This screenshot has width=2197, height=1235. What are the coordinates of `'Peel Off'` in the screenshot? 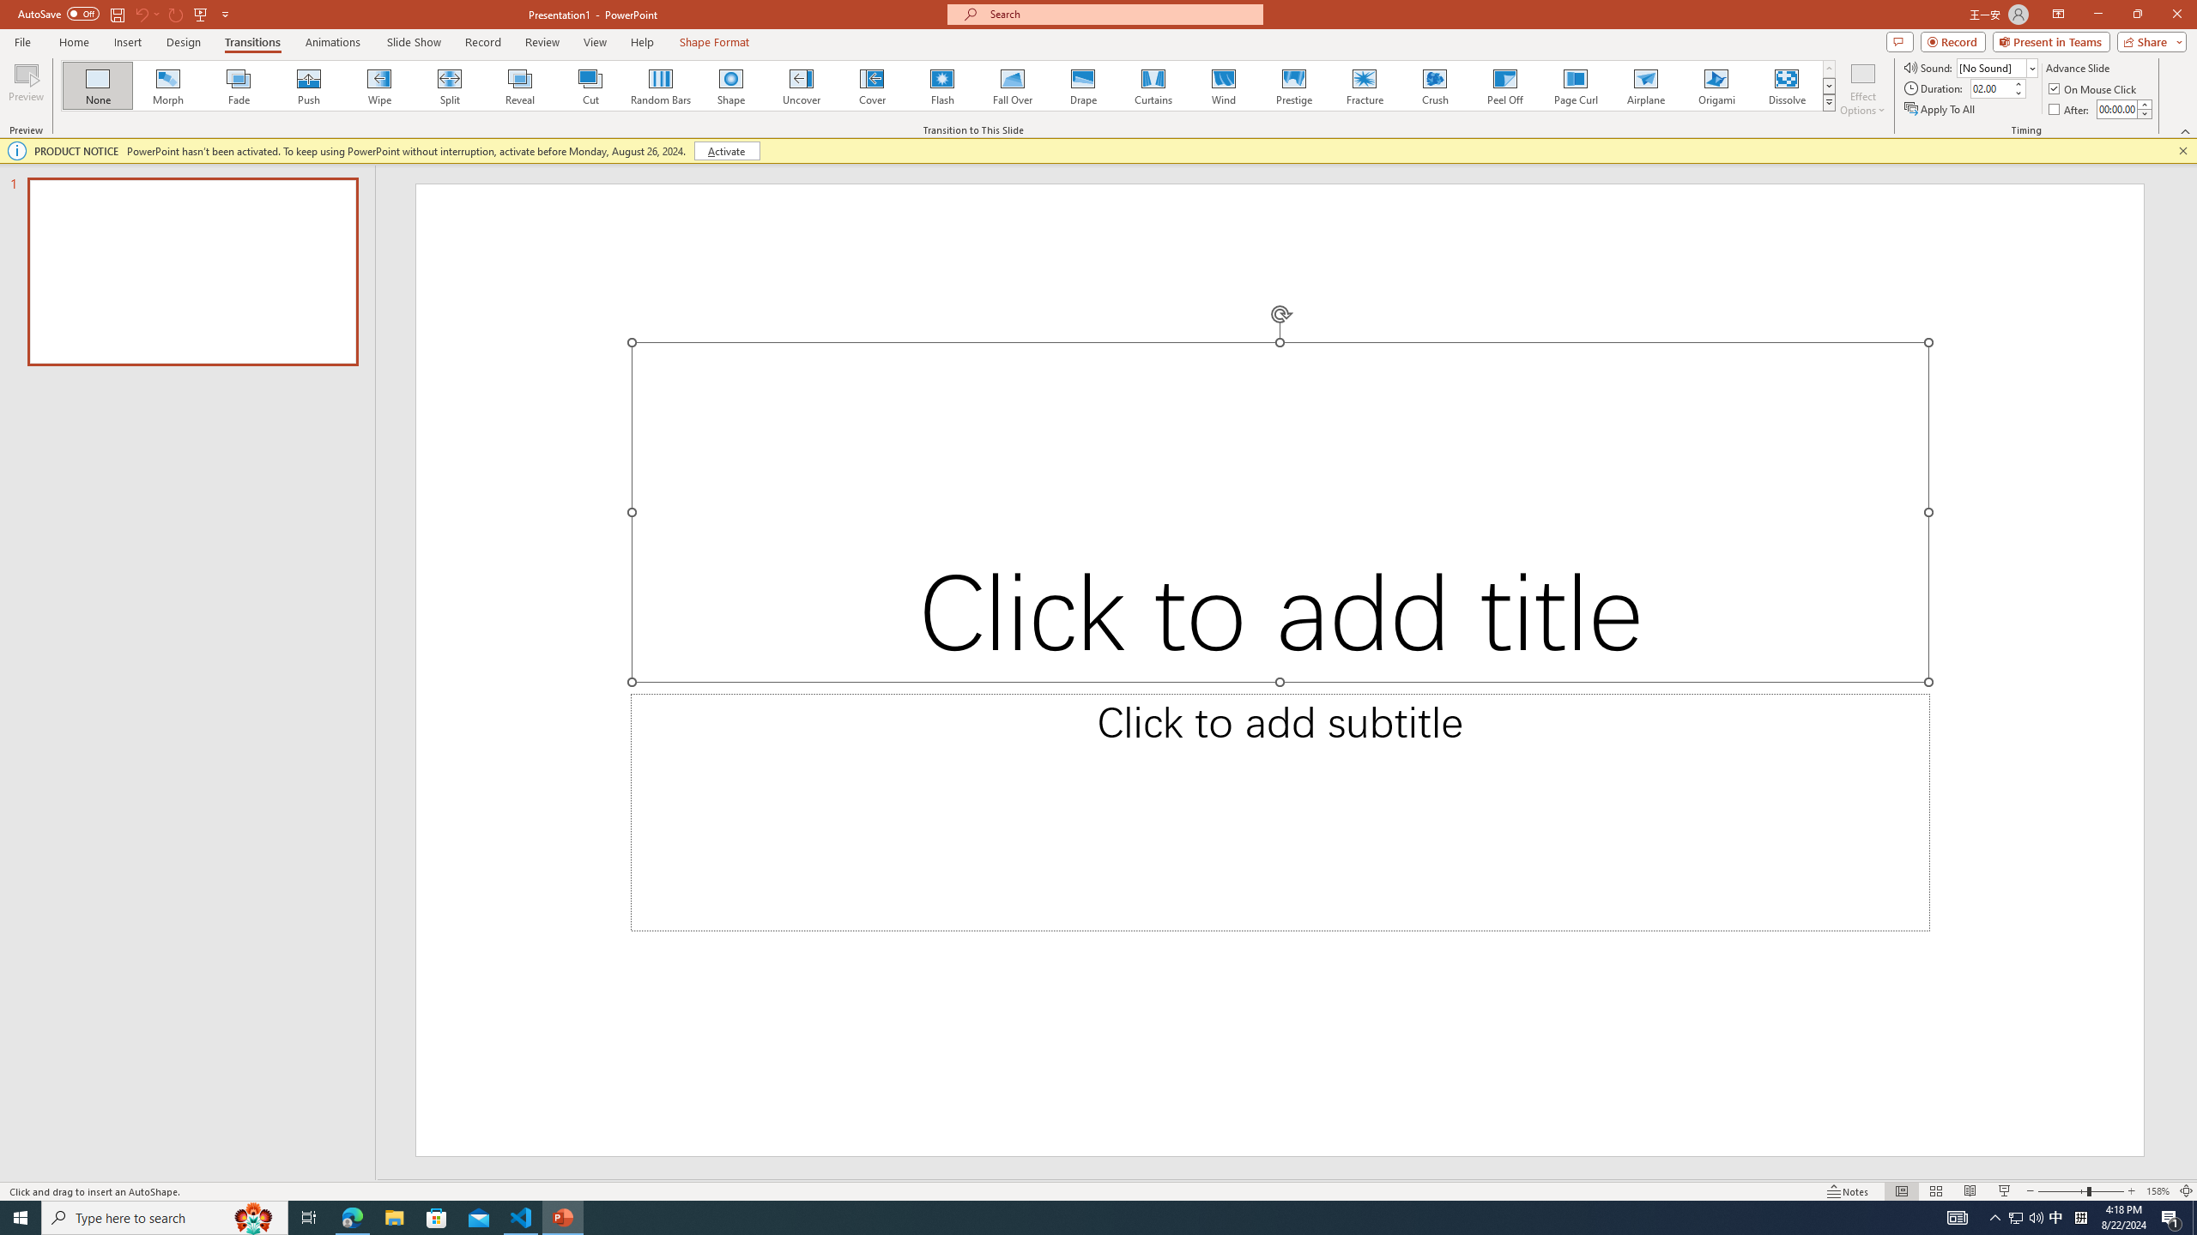 It's located at (1504, 85).